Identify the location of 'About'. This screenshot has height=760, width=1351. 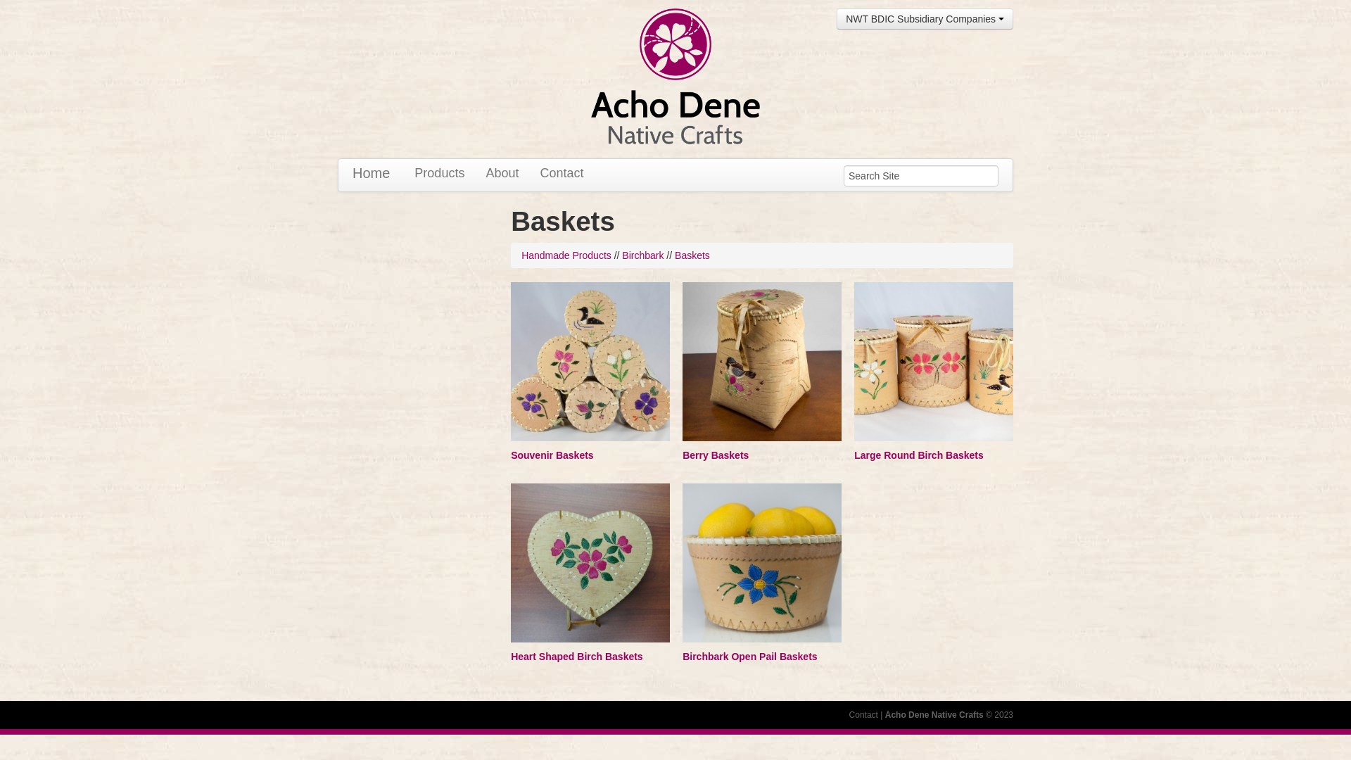
(502, 172).